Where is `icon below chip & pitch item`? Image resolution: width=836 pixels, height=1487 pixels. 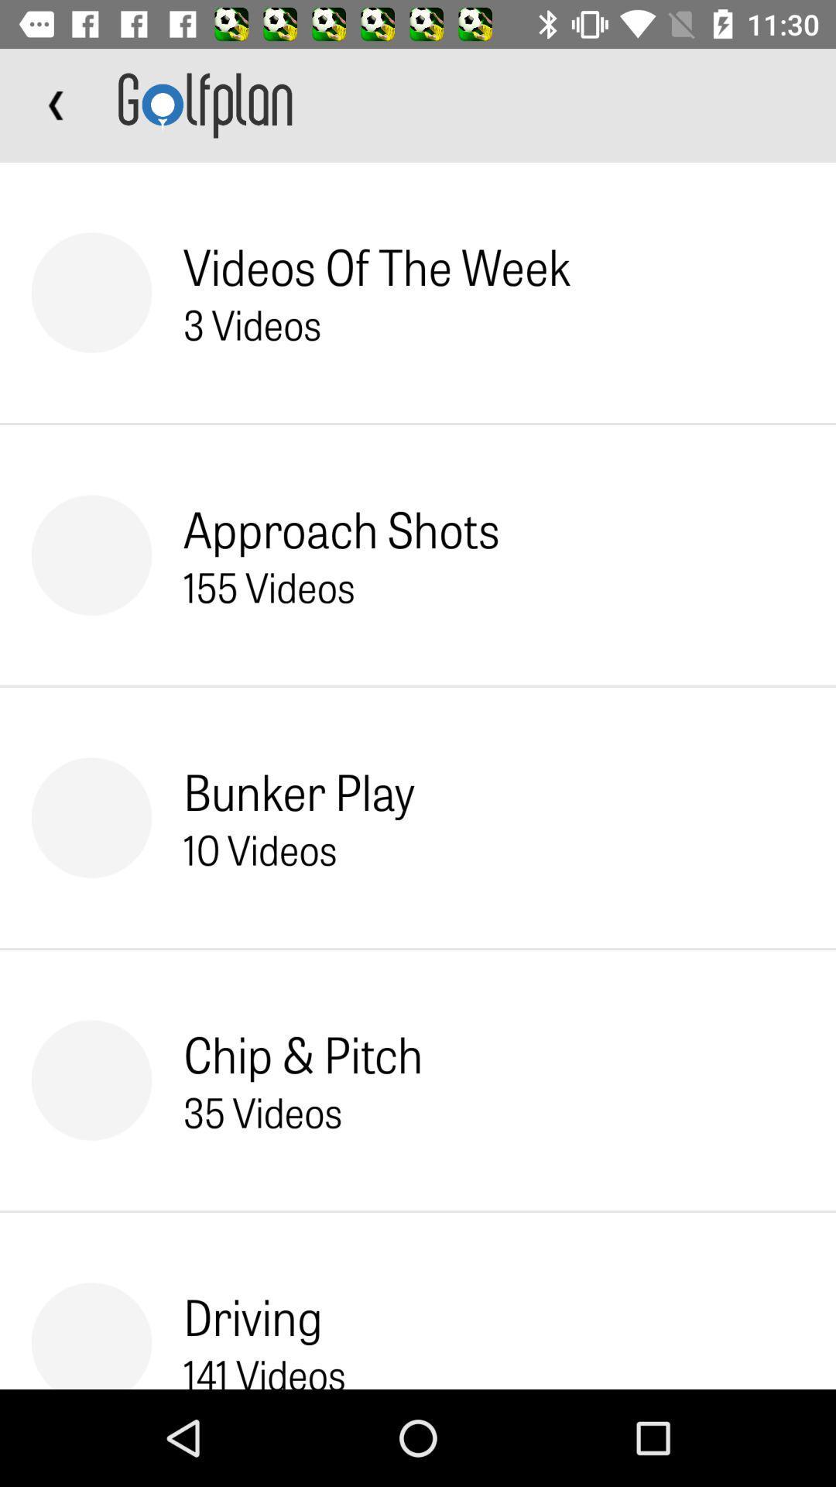
icon below chip & pitch item is located at coordinates (262, 1111).